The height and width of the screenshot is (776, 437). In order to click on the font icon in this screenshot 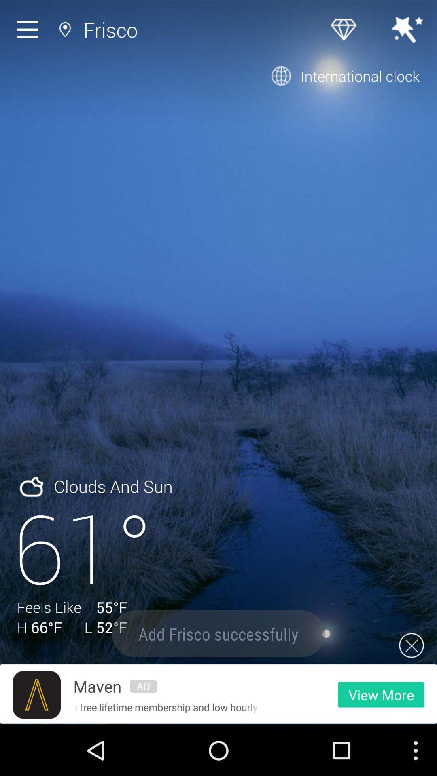, I will do `click(36, 743)`.